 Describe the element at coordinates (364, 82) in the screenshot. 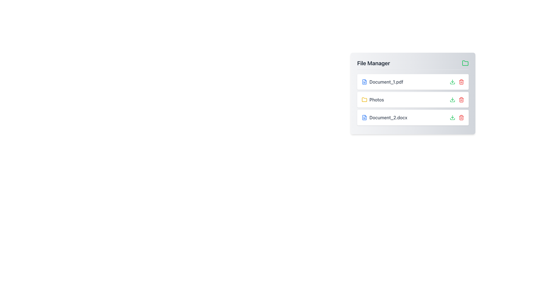

I see `the PDF icon representing 'Document_1.pdf'` at that location.